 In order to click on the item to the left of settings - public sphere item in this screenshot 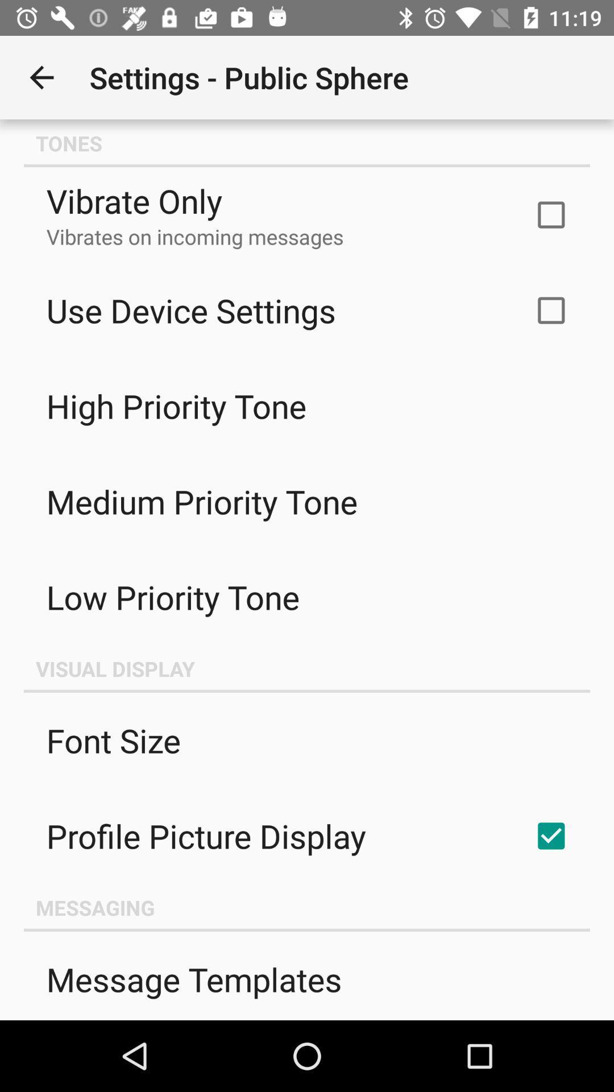, I will do `click(41, 77)`.